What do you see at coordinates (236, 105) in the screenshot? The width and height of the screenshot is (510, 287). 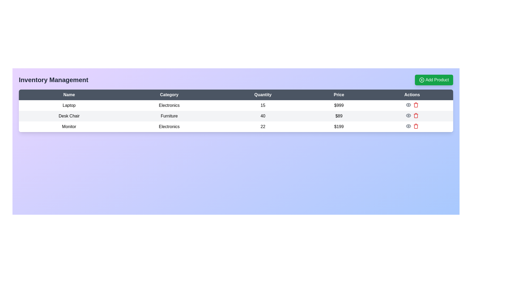 I see `the first row of the data table` at bounding box center [236, 105].